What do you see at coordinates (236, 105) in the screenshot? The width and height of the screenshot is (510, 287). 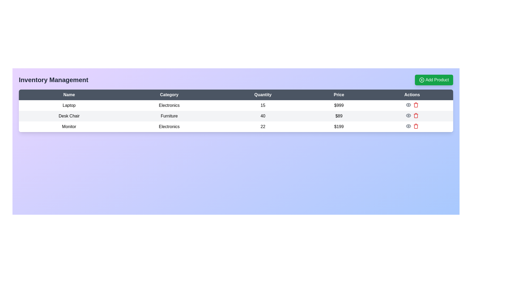 I see `the first row of the data table` at bounding box center [236, 105].